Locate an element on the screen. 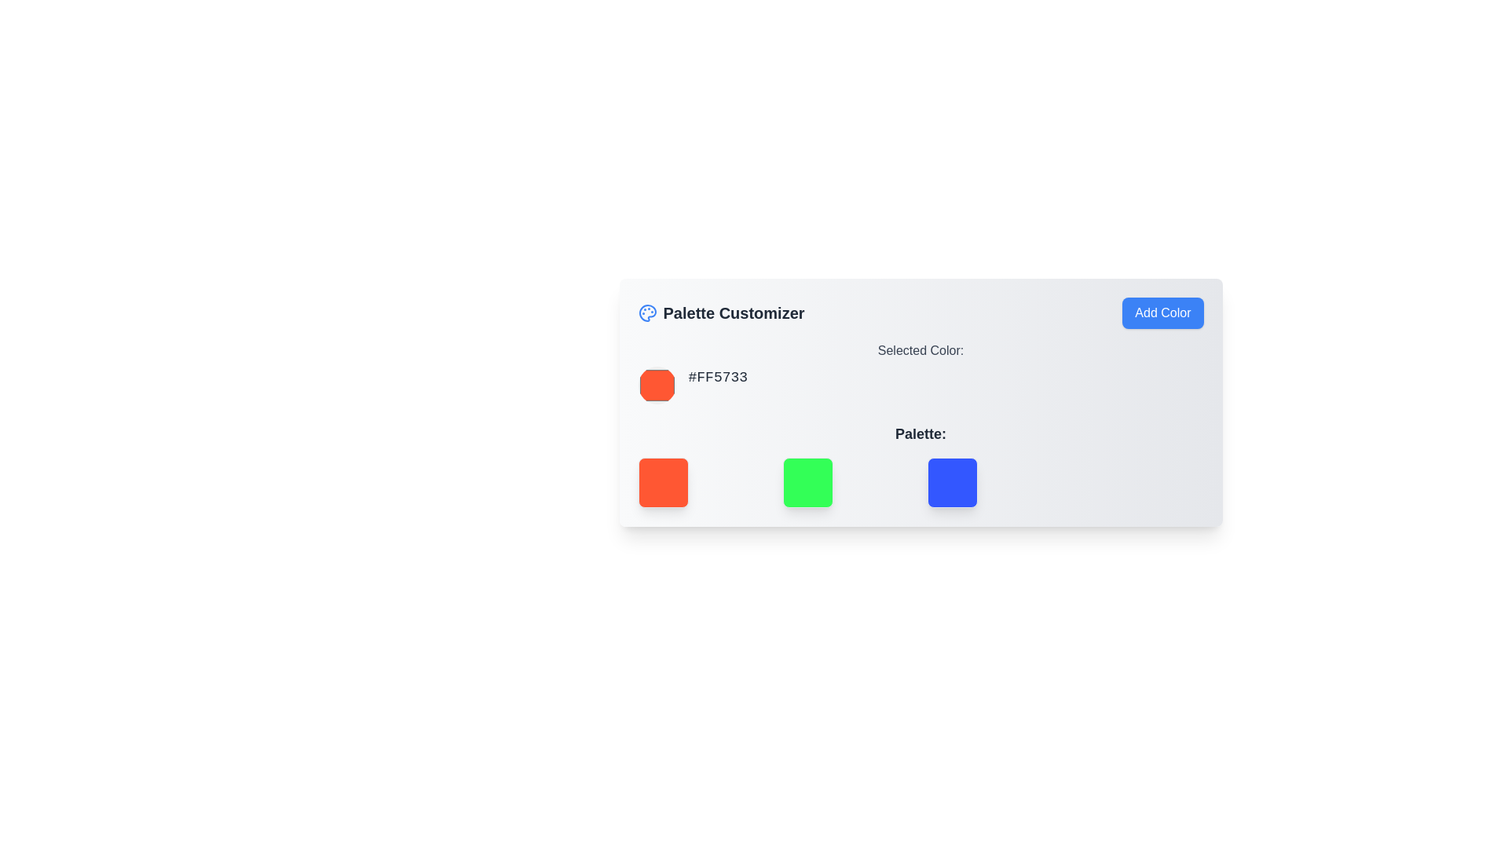 The height and width of the screenshot is (848, 1508). the text display element showing the color code '#FF5733', which is styled in gray and is positioned to the right of a circular color swatch in the 'Selected Color' section is located at coordinates (717, 385).